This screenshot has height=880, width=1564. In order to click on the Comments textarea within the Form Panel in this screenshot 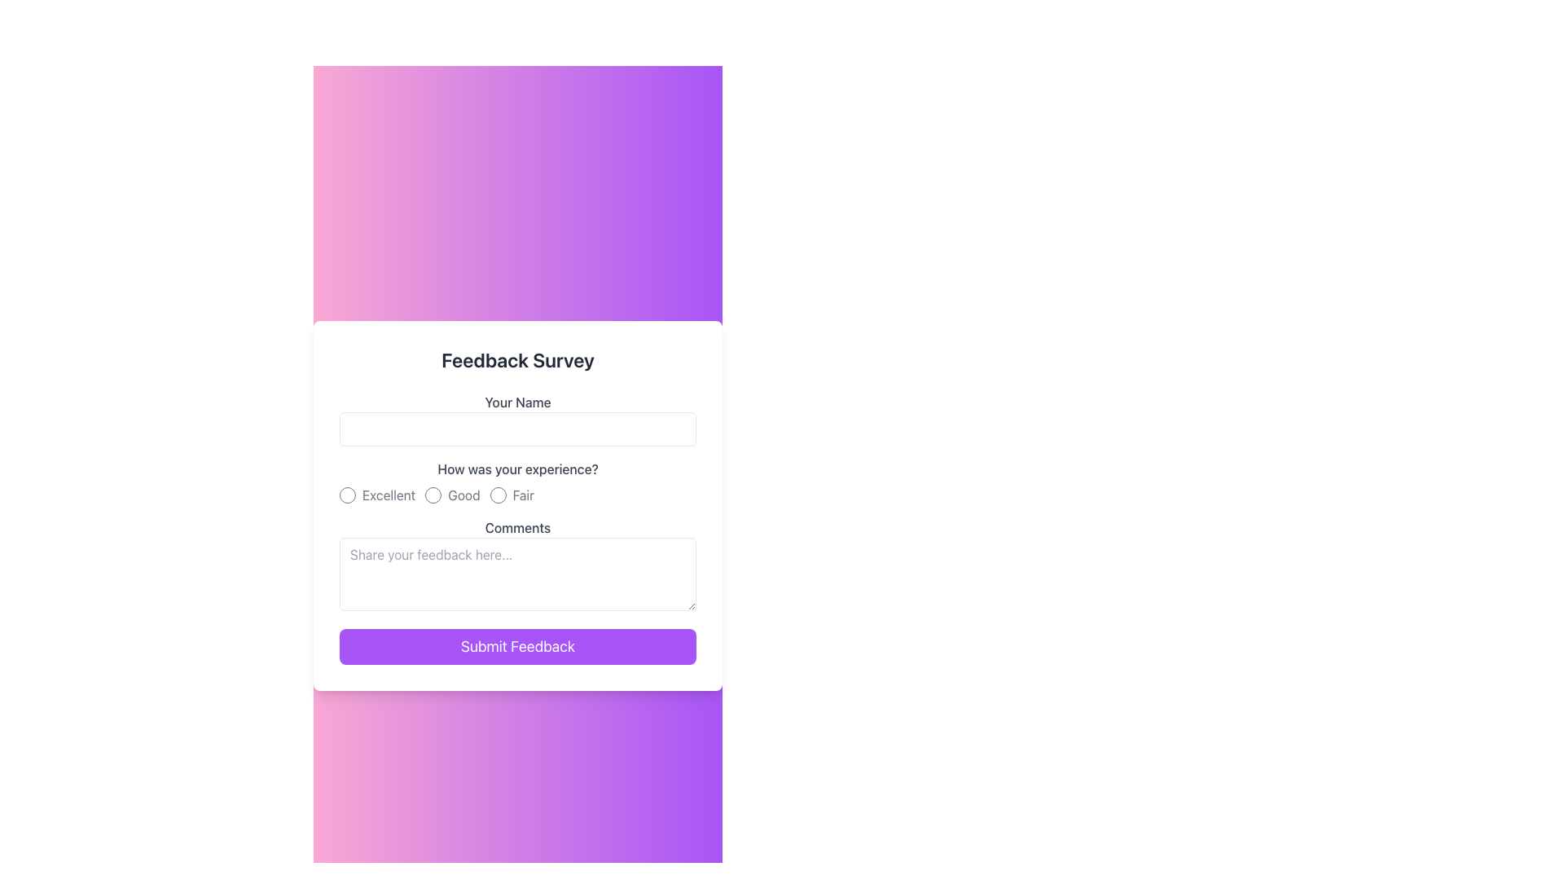, I will do `click(516, 505)`.